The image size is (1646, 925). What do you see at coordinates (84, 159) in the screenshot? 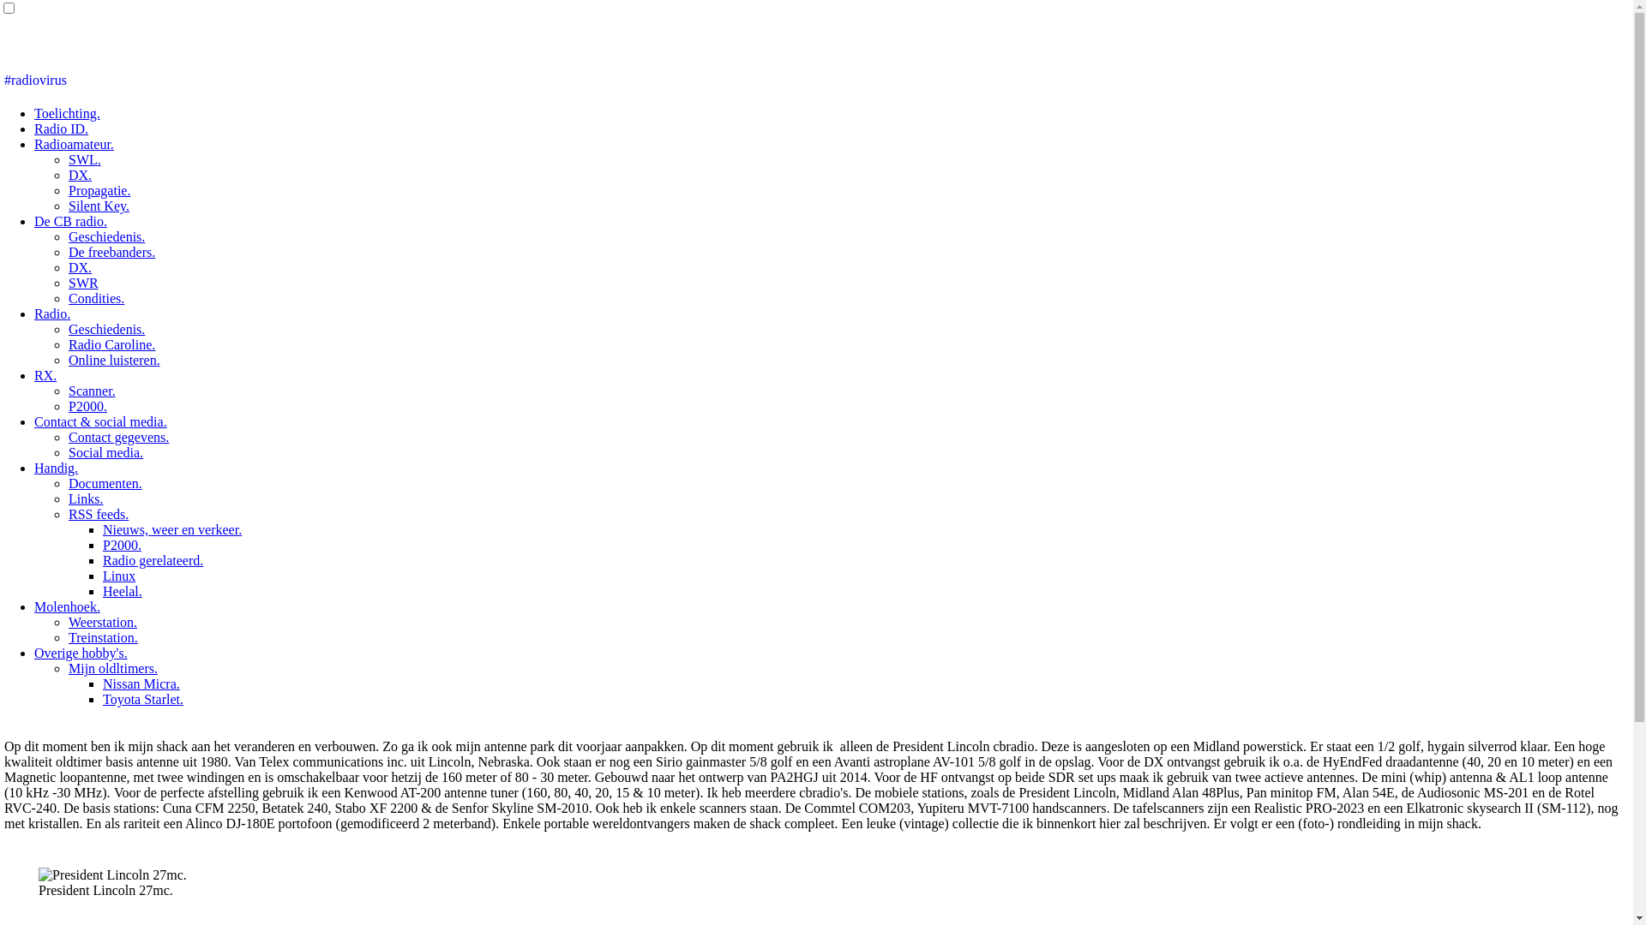
I see `'SWL.'` at bounding box center [84, 159].